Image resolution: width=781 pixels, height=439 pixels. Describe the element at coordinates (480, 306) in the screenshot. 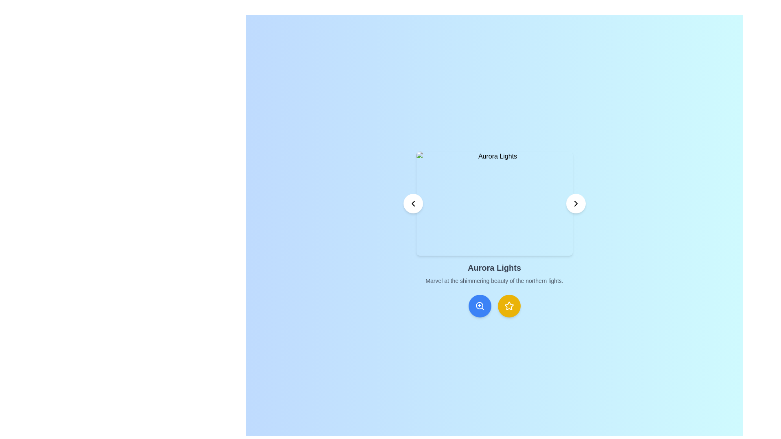

I see `the magnifying glass icon with a plus sign inside it, which is located within a blue circular button at the lower center of the interface` at that location.